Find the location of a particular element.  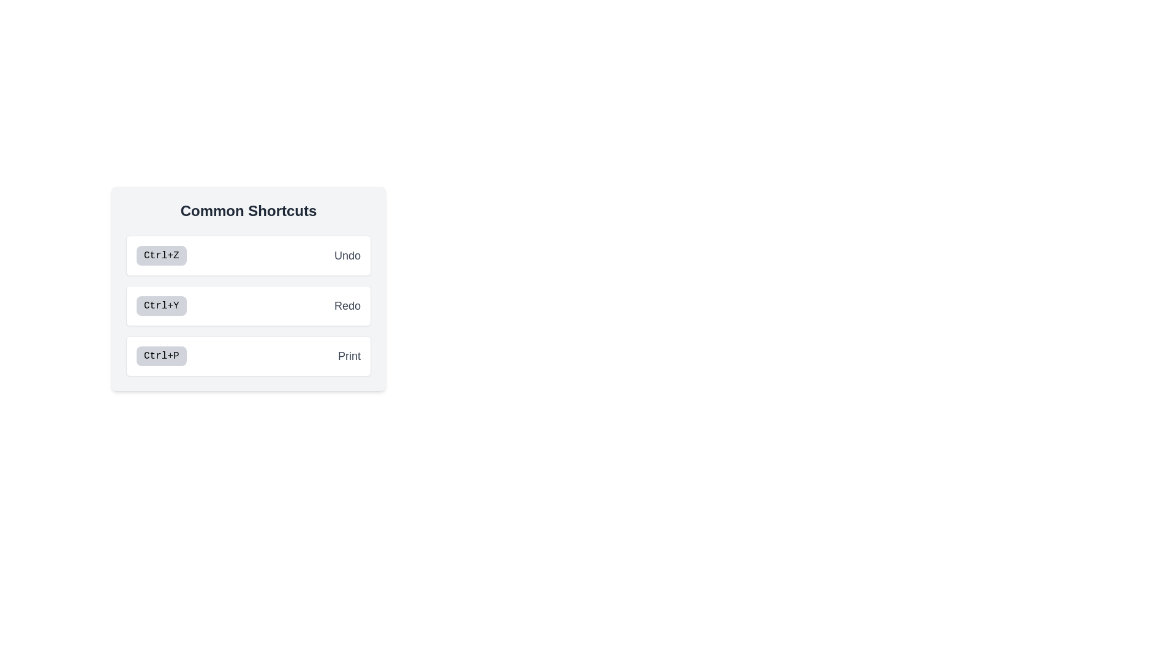

the text label displaying 'Ctrl+Z', which has a light gray background and a button-like appearance, located in the first row of a list-like structure is located at coordinates (160, 255).